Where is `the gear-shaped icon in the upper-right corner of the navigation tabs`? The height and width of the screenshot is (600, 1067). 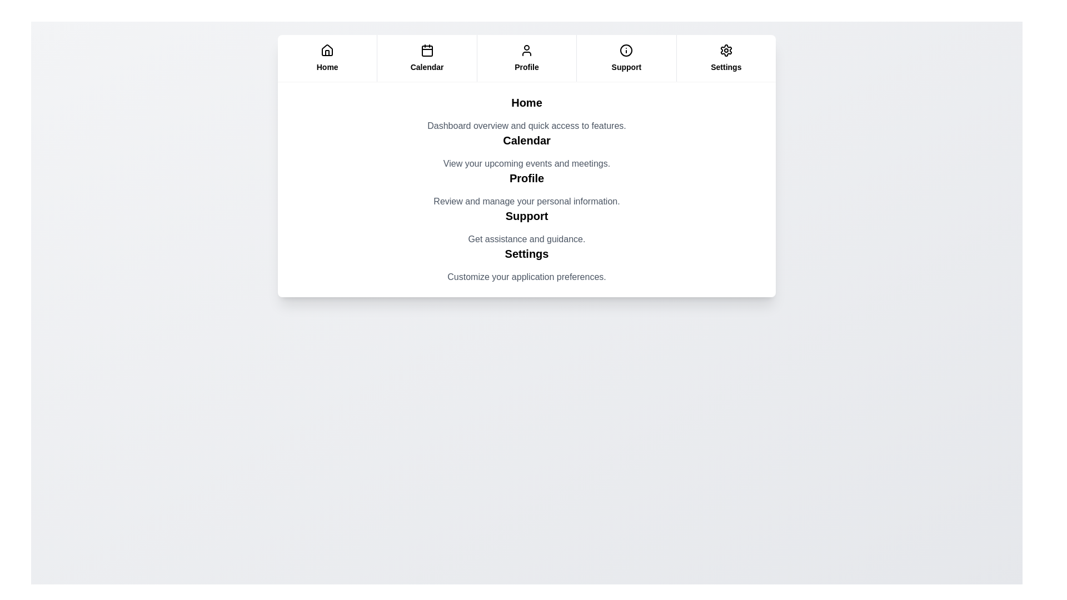
the gear-shaped icon in the upper-right corner of the navigation tabs is located at coordinates (726, 51).